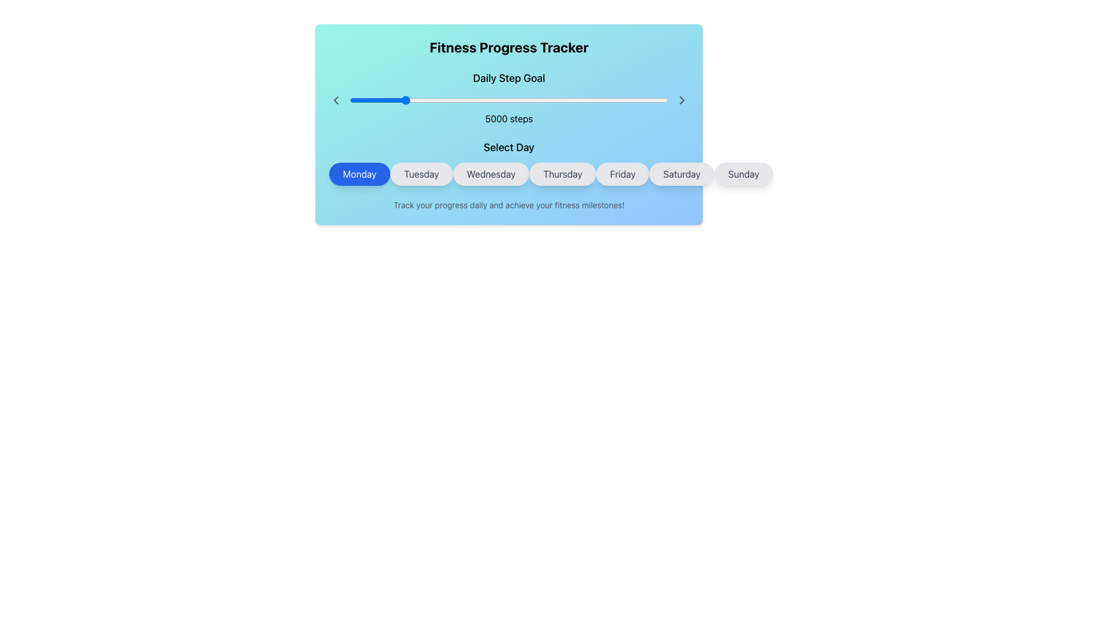 This screenshot has width=1107, height=623. Describe the element at coordinates (588, 99) in the screenshot. I see `the step goal` at that location.